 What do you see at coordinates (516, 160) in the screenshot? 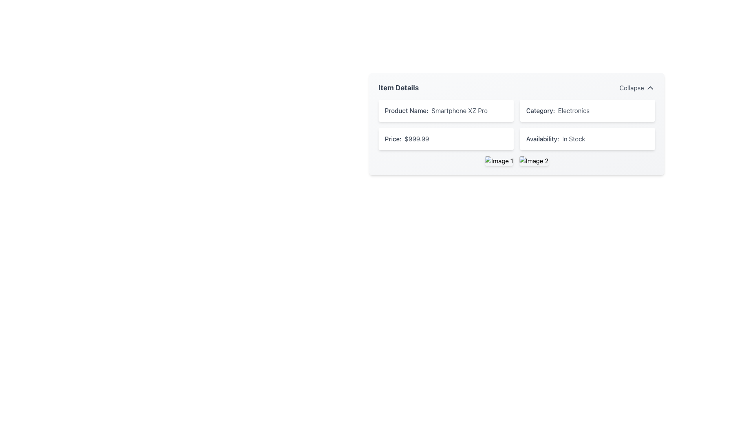
I see `the individual images in the horizontal image group located below the 'Availability' field` at bounding box center [516, 160].